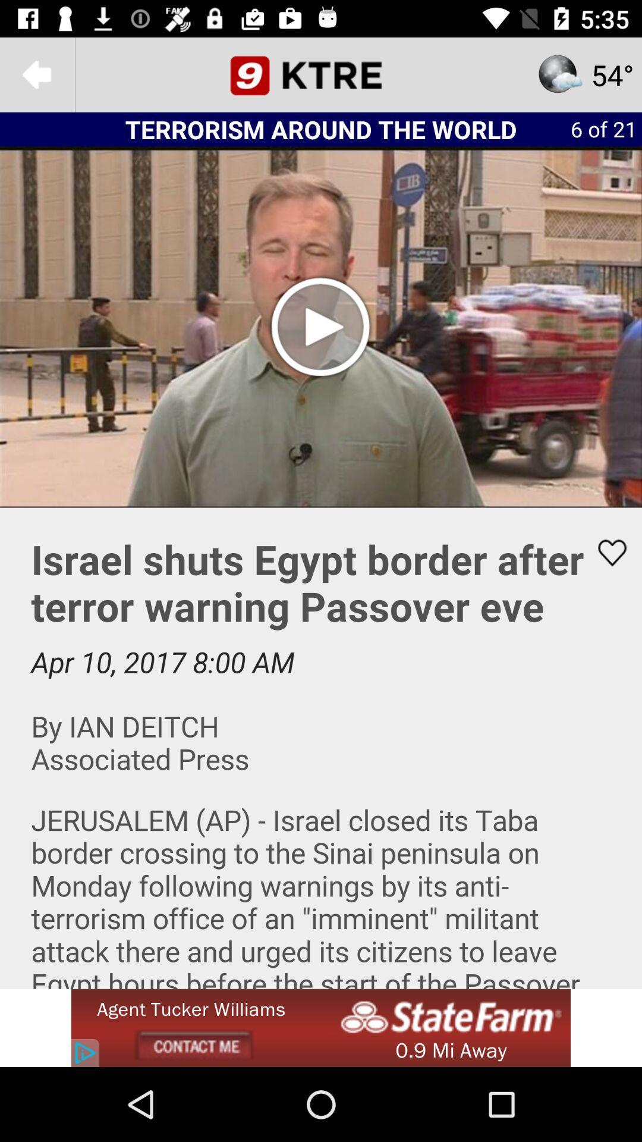 The height and width of the screenshot is (1142, 642). Describe the element at coordinates (605, 552) in the screenshot. I see `the article` at that location.